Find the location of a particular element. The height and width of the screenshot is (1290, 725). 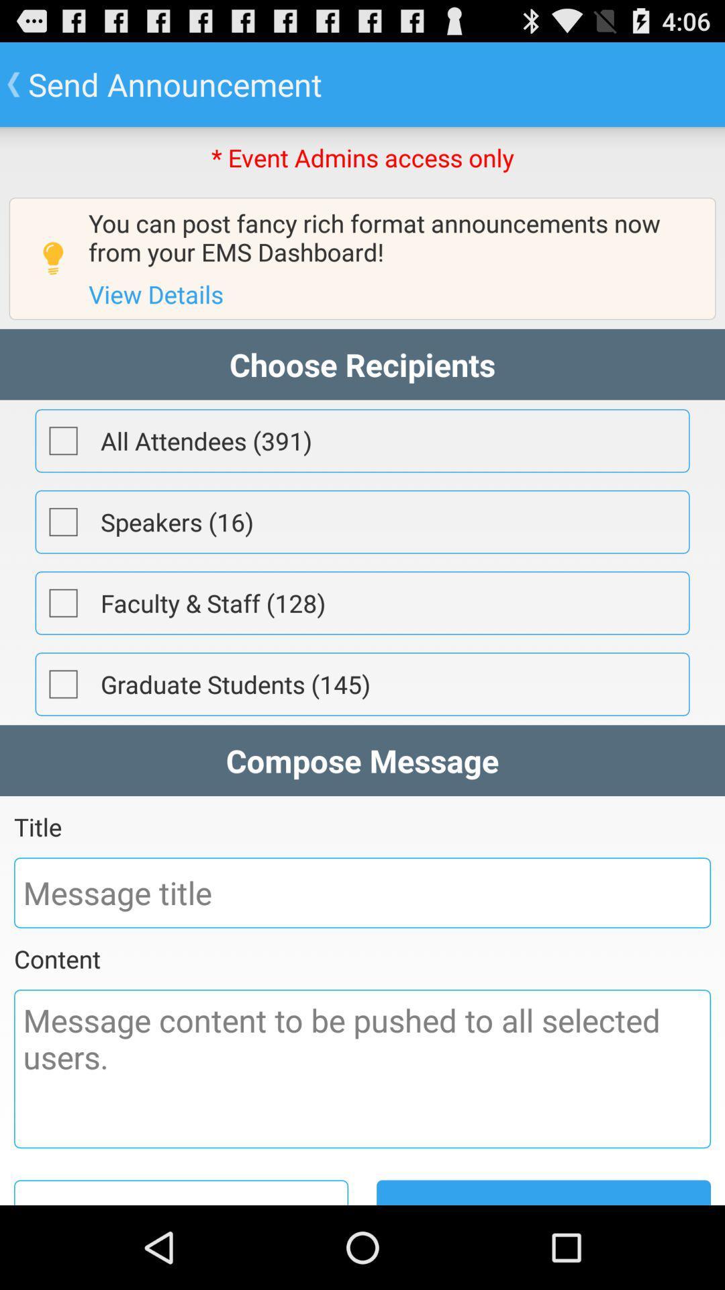

recipients is located at coordinates (63, 684).